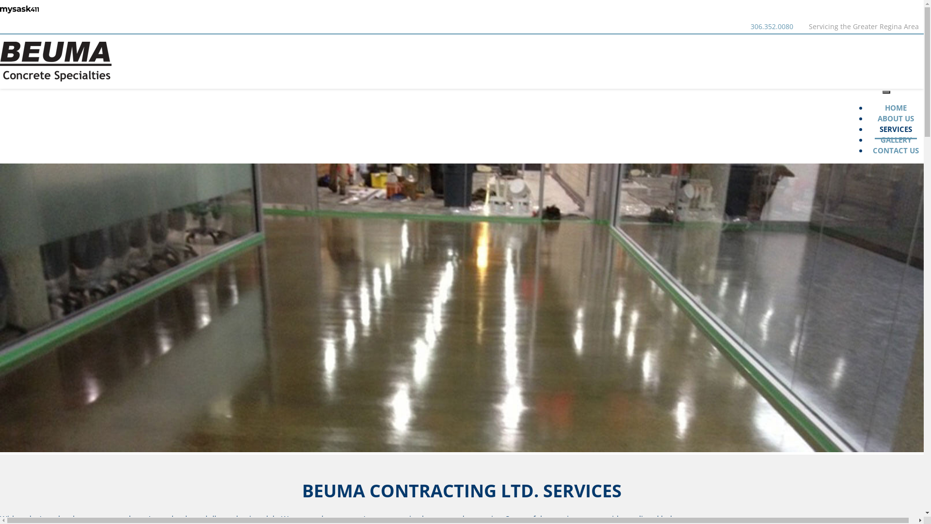 Image resolution: width=931 pixels, height=524 pixels. What do you see at coordinates (895, 118) in the screenshot?
I see `'ABOUT US'` at bounding box center [895, 118].